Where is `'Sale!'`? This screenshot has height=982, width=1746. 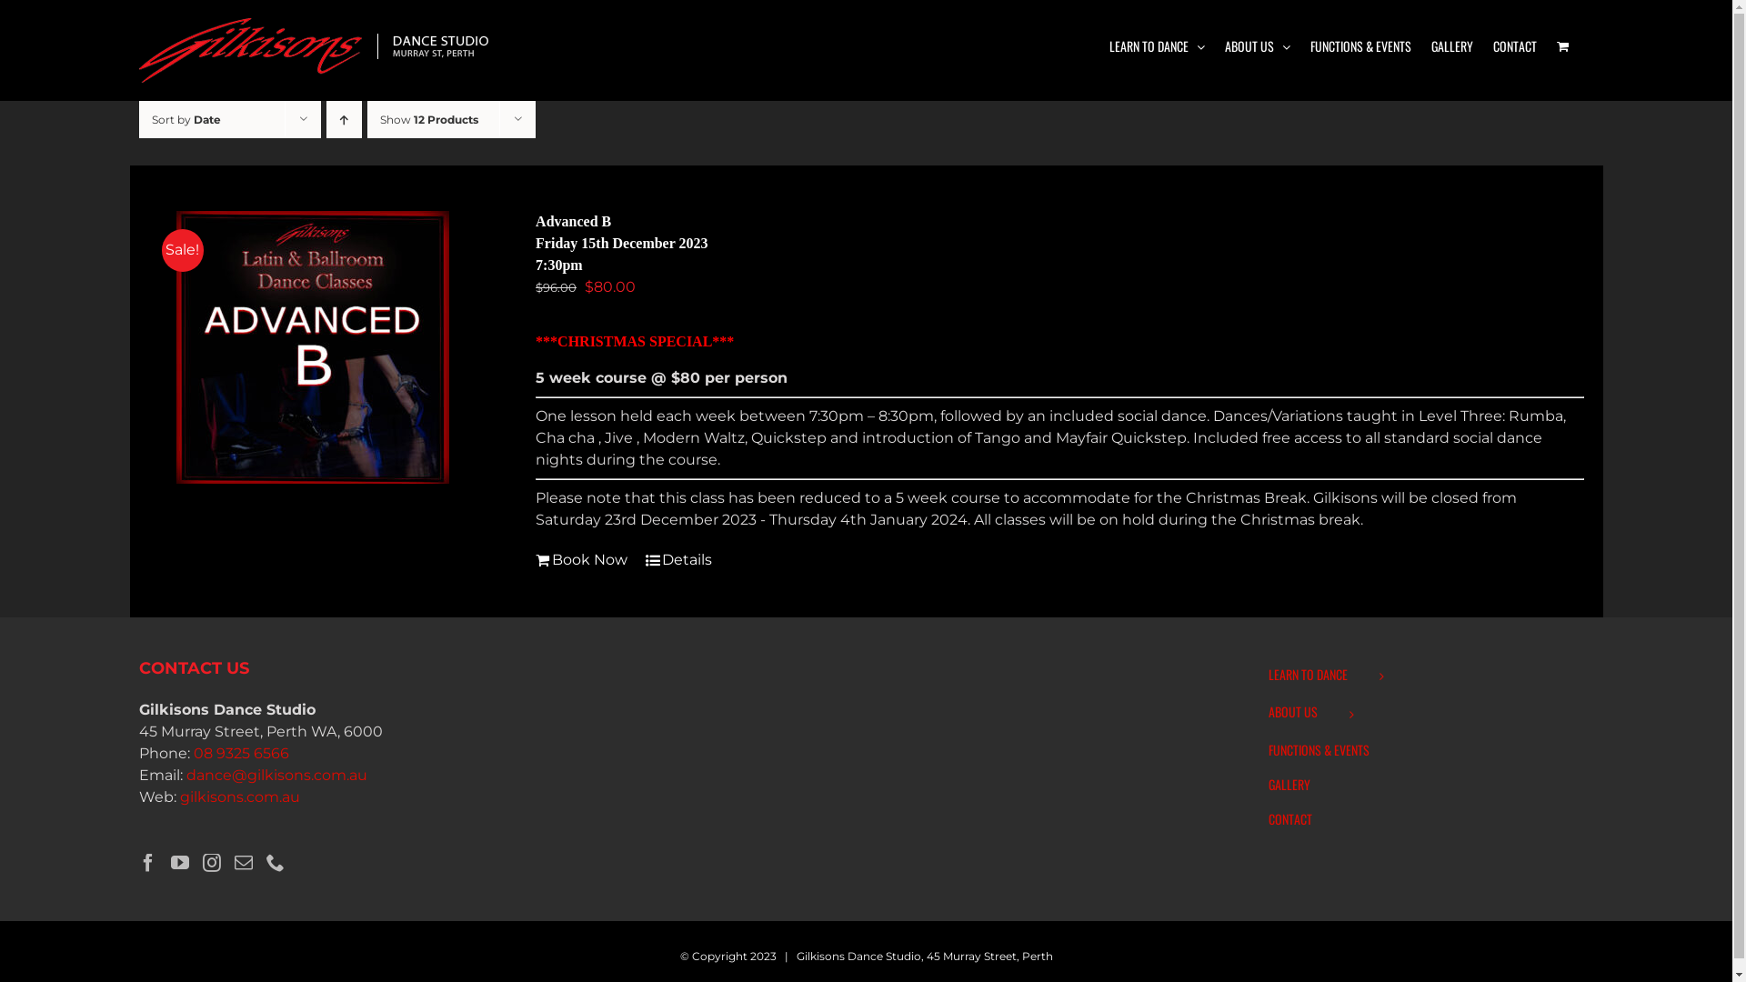
'Sale!' is located at coordinates (312, 346).